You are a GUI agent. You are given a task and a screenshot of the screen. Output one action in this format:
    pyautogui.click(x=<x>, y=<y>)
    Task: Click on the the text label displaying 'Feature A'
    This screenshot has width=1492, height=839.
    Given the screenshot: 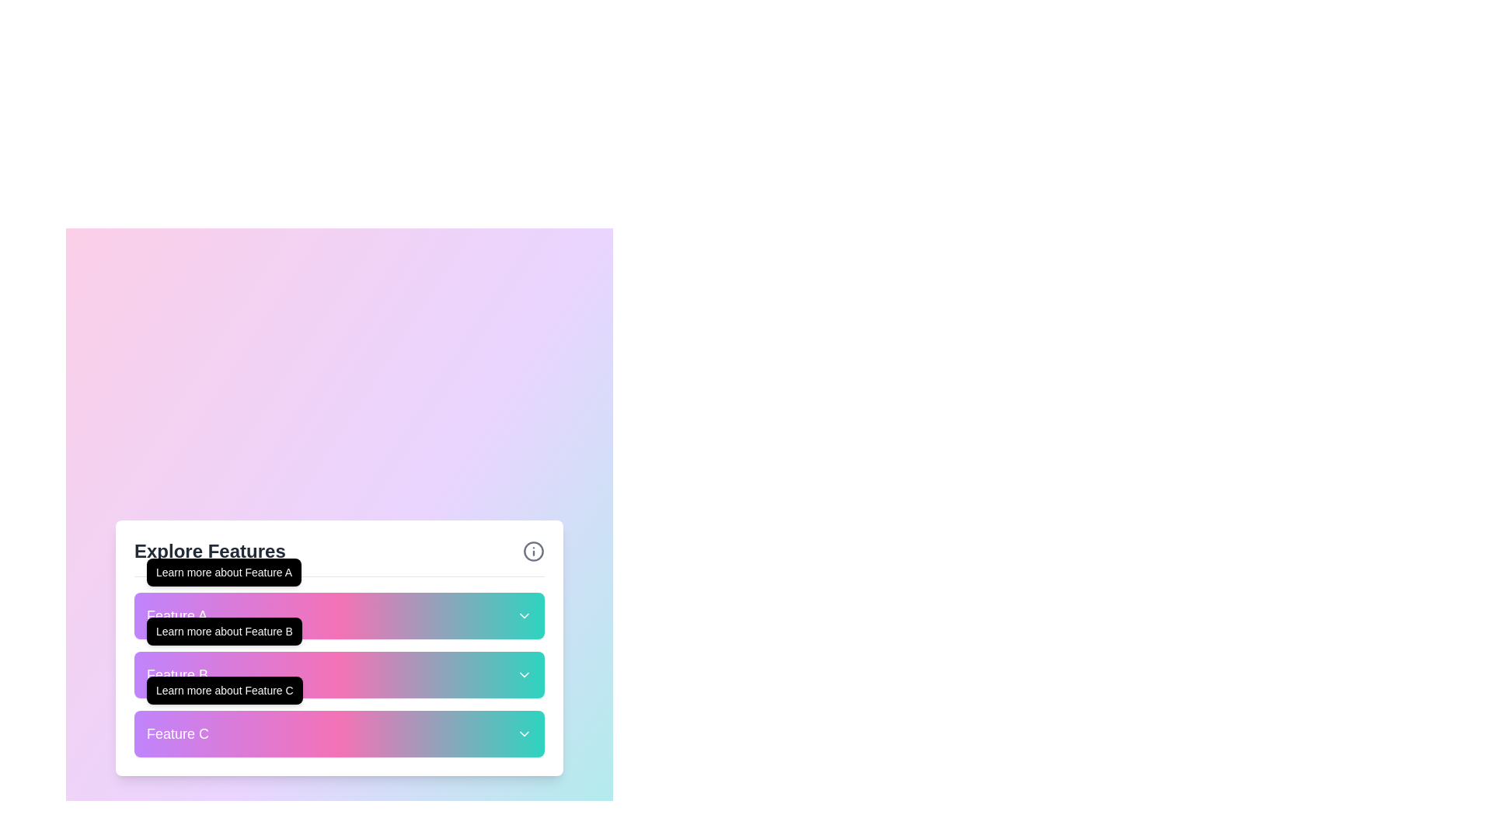 What is the action you would take?
    pyautogui.click(x=177, y=614)
    